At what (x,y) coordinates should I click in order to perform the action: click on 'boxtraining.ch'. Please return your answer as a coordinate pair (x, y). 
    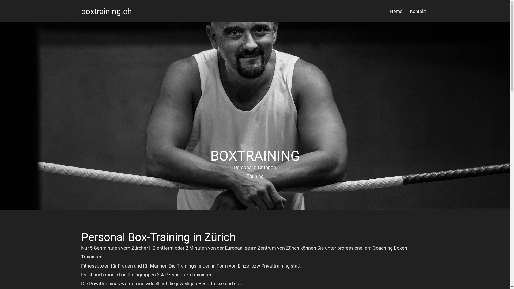
    Looking at the image, I should click on (106, 11).